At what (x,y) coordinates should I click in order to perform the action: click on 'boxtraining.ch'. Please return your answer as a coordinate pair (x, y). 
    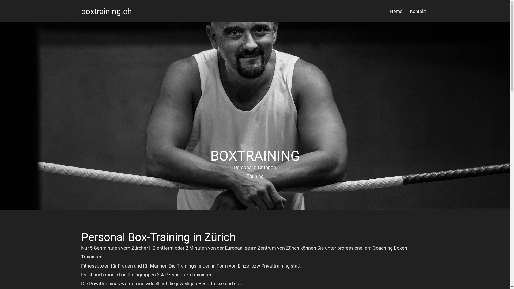
    Looking at the image, I should click on (106, 11).